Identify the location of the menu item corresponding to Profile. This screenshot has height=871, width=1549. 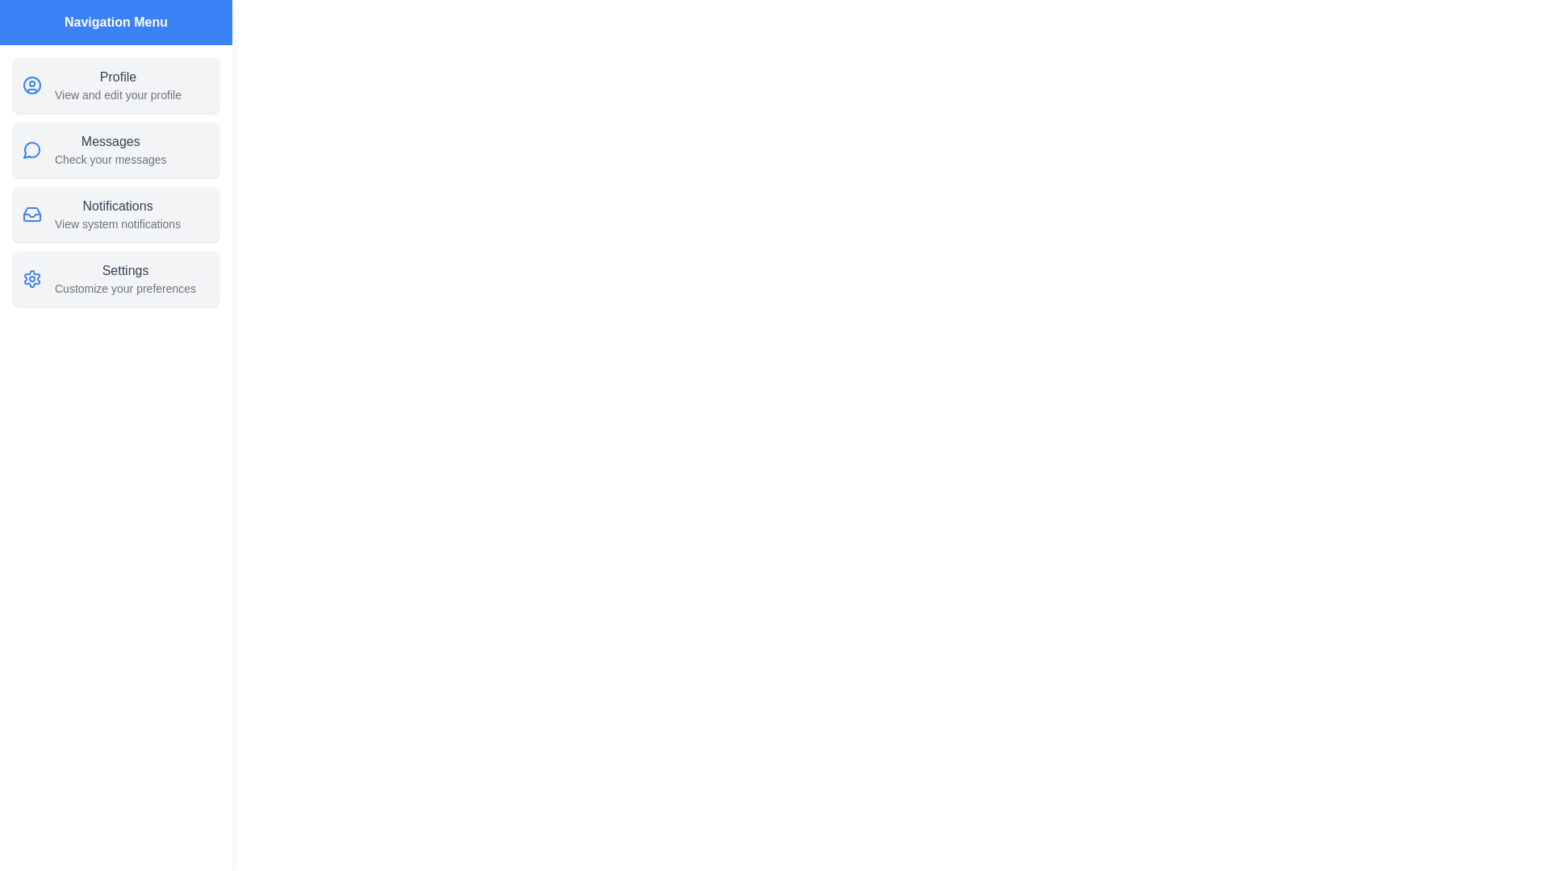
(115, 85).